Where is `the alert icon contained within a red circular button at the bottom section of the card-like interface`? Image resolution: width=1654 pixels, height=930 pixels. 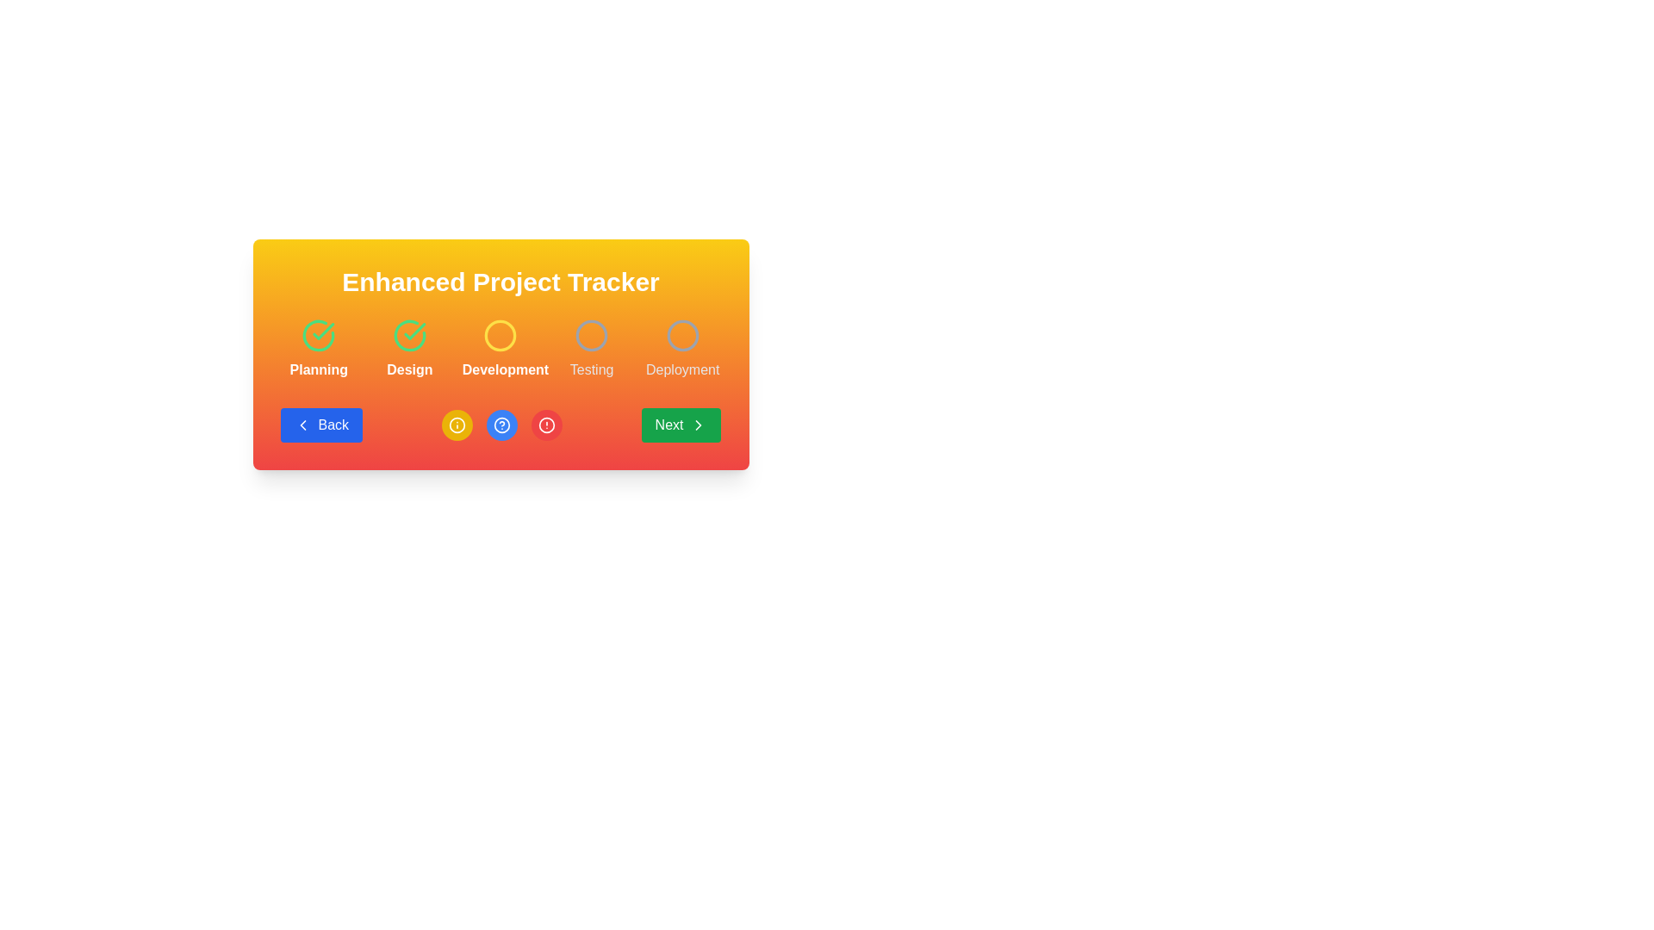 the alert icon contained within a red circular button at the bottom section of the card-like interface is located at coordinates (545, 425).